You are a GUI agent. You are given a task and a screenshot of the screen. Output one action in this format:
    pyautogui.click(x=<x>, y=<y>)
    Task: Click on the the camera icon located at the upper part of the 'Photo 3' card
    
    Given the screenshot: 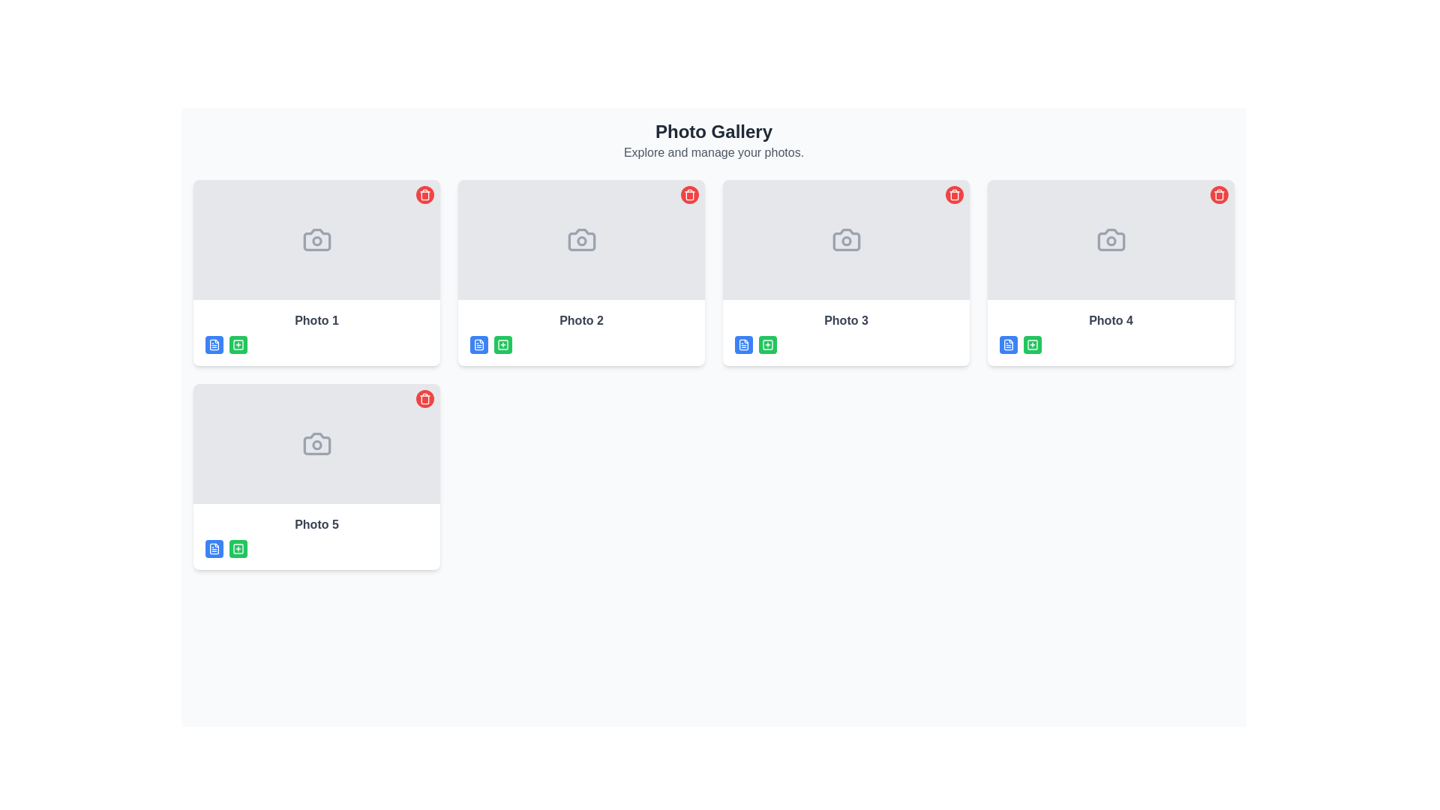 What is the action you would take?
    pyautogui.click(x=846, y=239)
    